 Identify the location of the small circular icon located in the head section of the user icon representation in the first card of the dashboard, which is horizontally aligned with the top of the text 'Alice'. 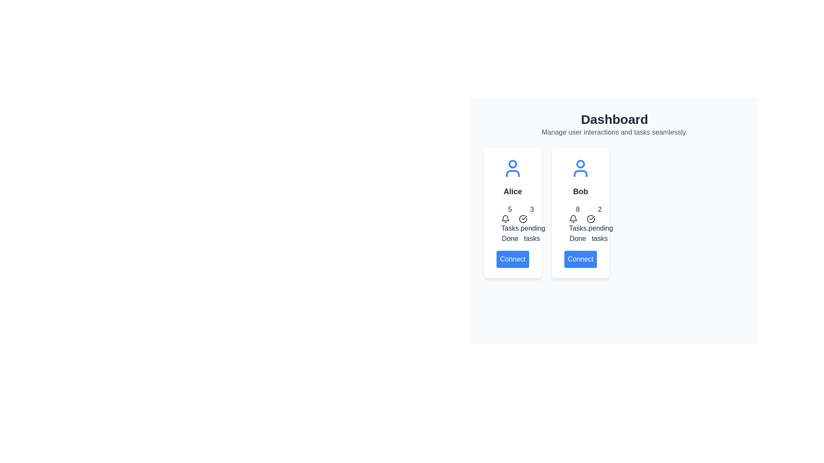
(513, 164).